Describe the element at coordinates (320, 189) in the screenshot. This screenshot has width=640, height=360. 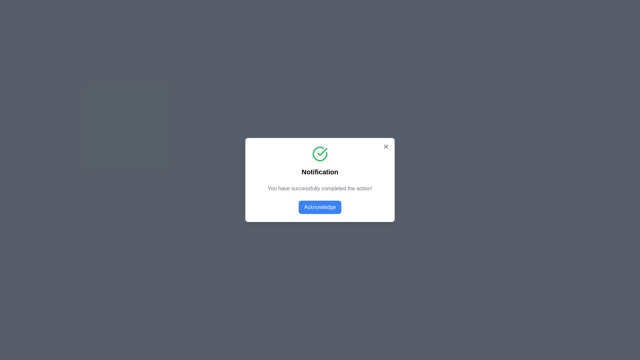
I see `the informational Text label that indicates the successful completion of an action, positioned centrally below the 'Notification' title and above the blue 'Acknowledge' button` at that location.